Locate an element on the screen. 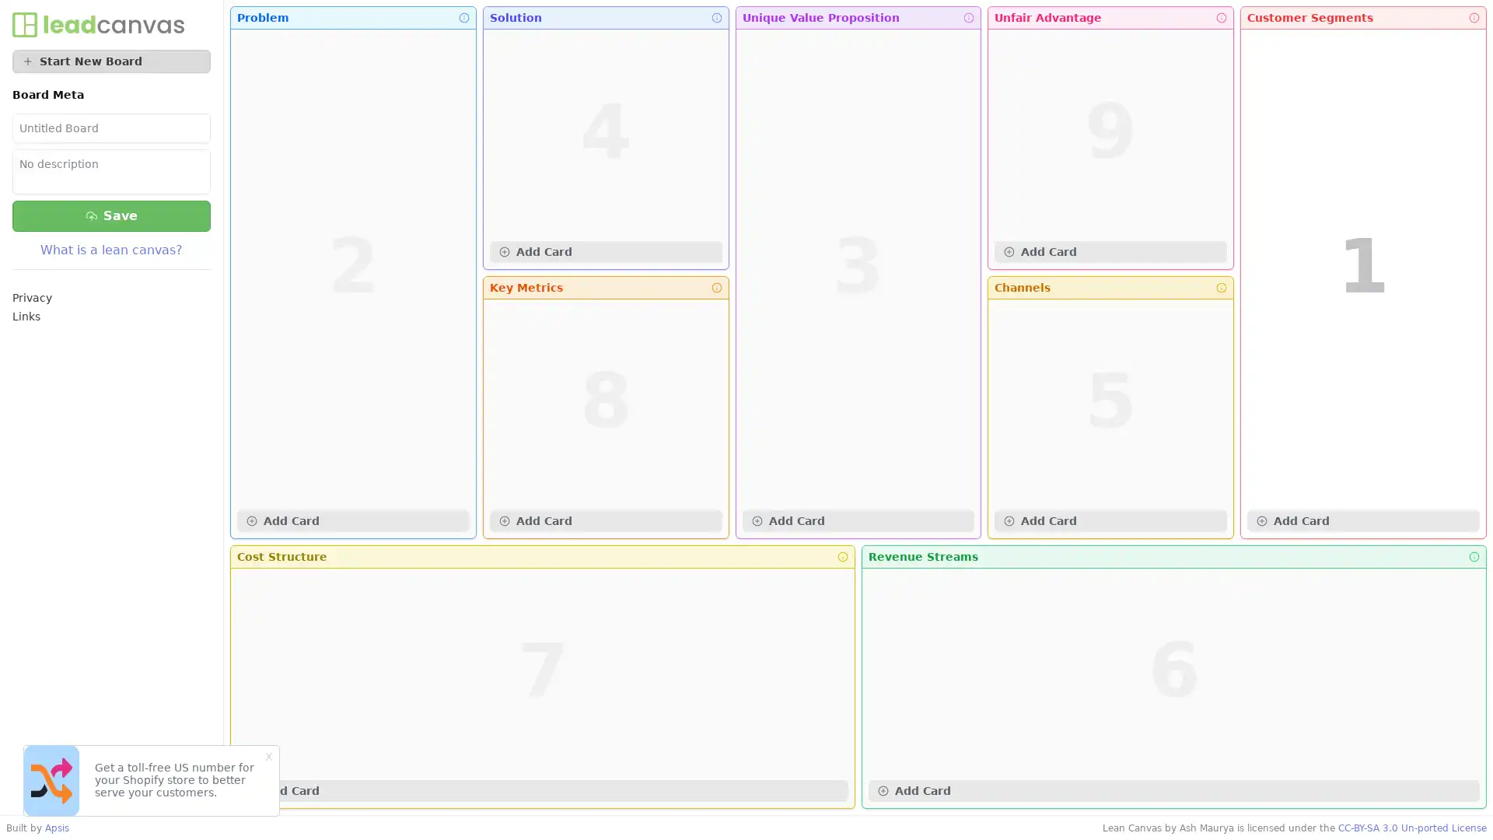 This screenshot has height=840, width=1493. Add Card is located at coordinates (1110, 521).